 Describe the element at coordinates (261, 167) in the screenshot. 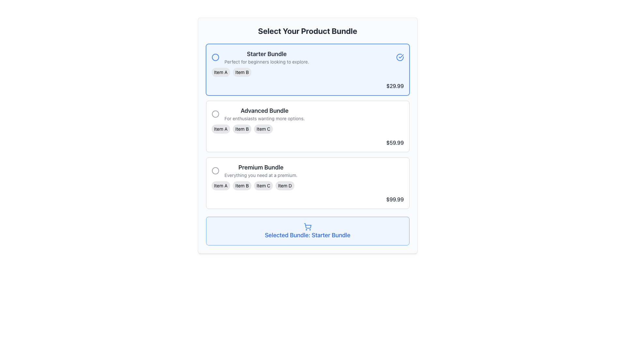

I see `the 'Premium Bundle' text label, which is prominently displayed in a larger and bold font style near the top of the box, providing clear visibility against a light background` at that location.